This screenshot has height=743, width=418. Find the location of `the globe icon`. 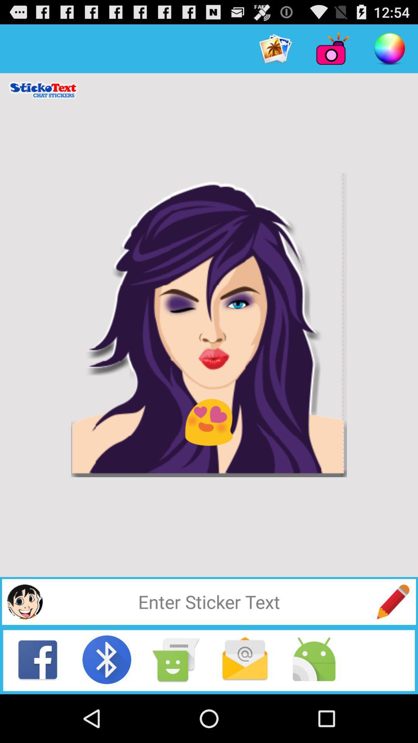

the globe icon is located at coordinates (24, 644).